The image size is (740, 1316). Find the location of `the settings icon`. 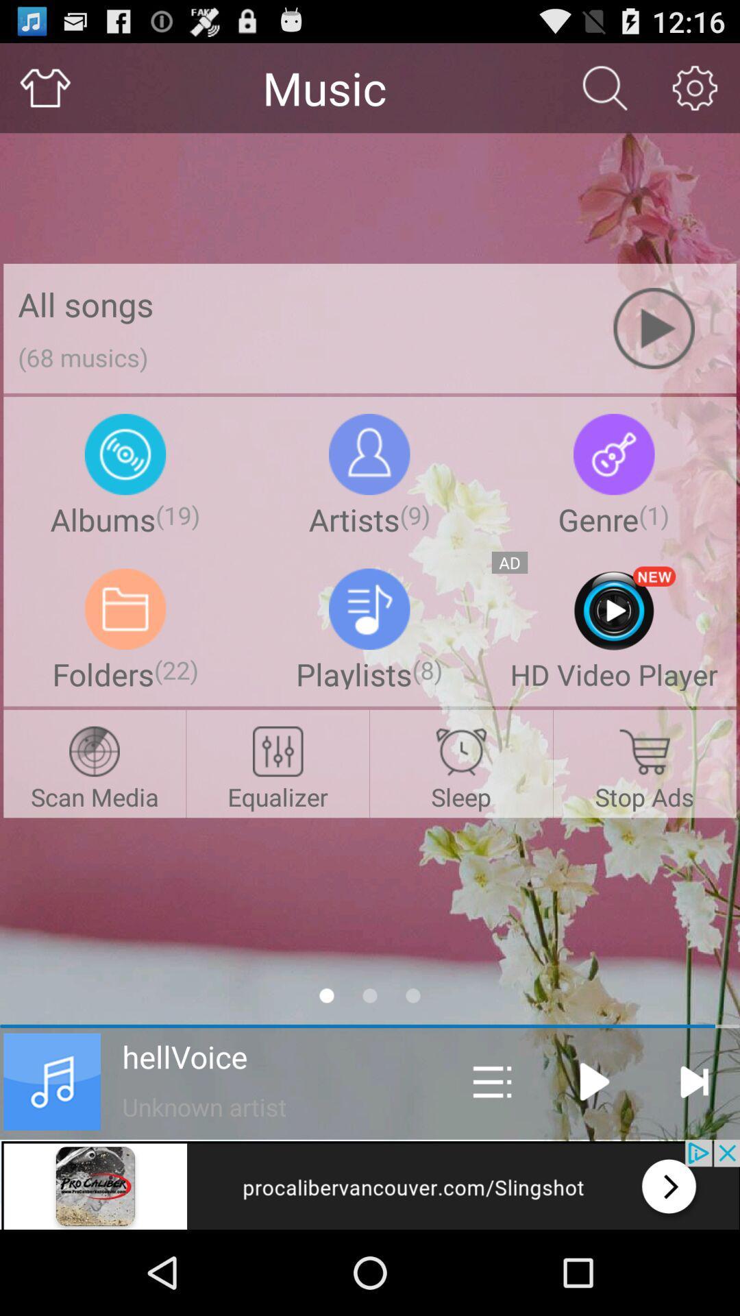

the settings icon is located at coordinates (695, 93).